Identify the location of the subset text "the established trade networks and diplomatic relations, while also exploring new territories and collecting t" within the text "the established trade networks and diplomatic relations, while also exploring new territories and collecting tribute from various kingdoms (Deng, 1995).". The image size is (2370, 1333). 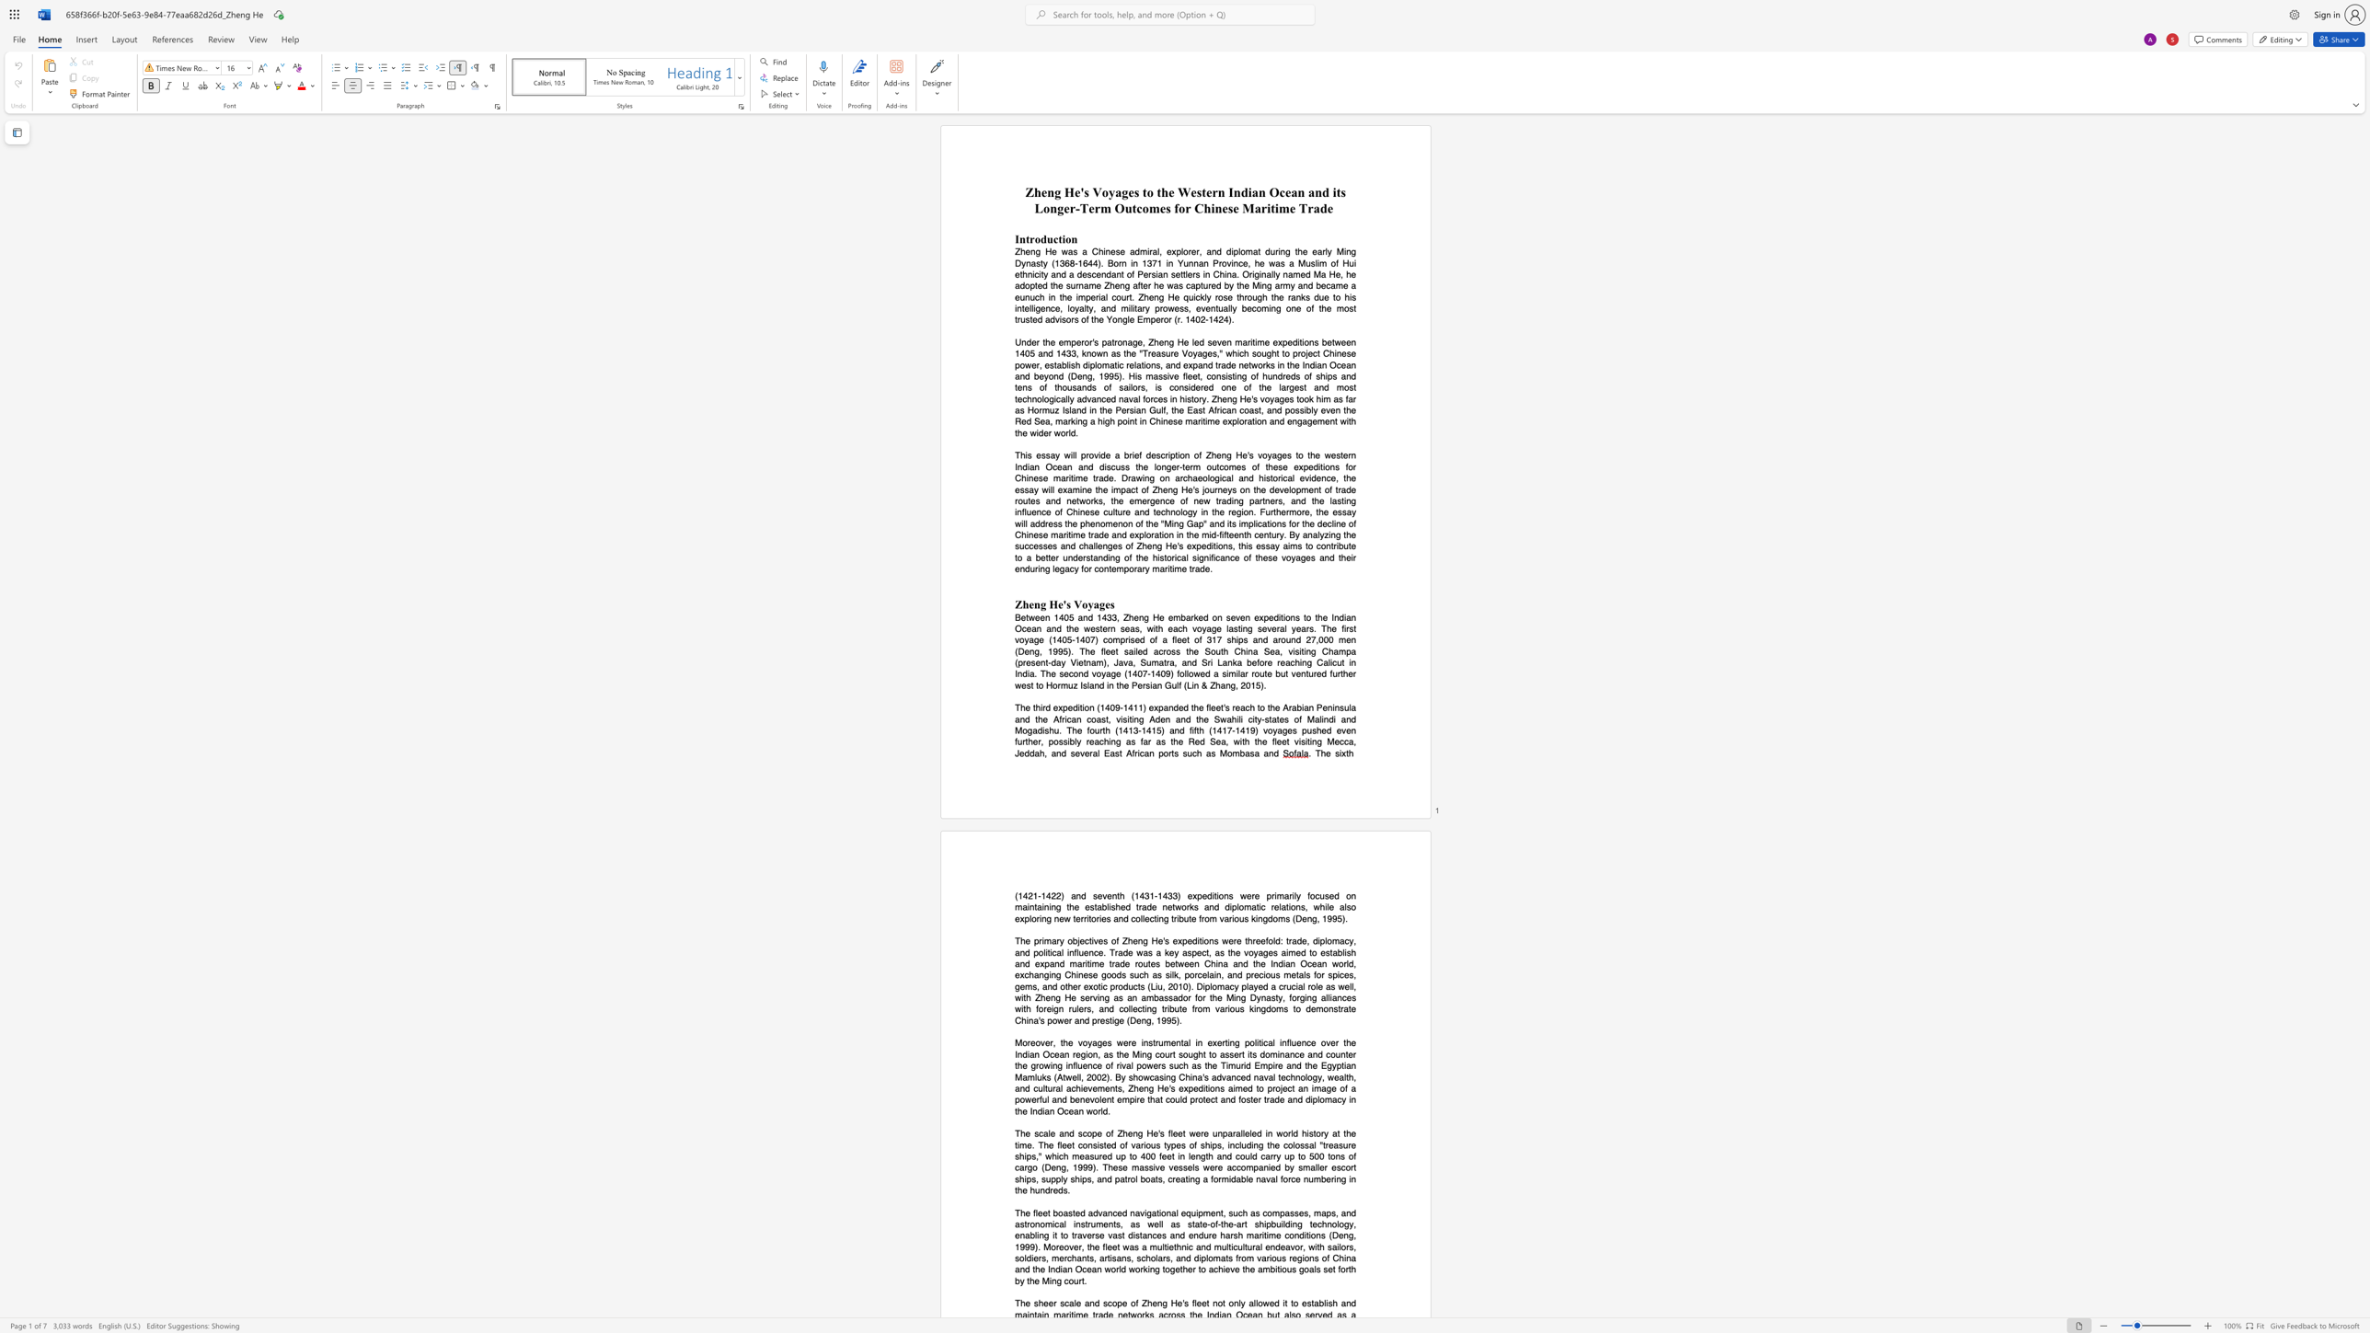
(1066, 907).